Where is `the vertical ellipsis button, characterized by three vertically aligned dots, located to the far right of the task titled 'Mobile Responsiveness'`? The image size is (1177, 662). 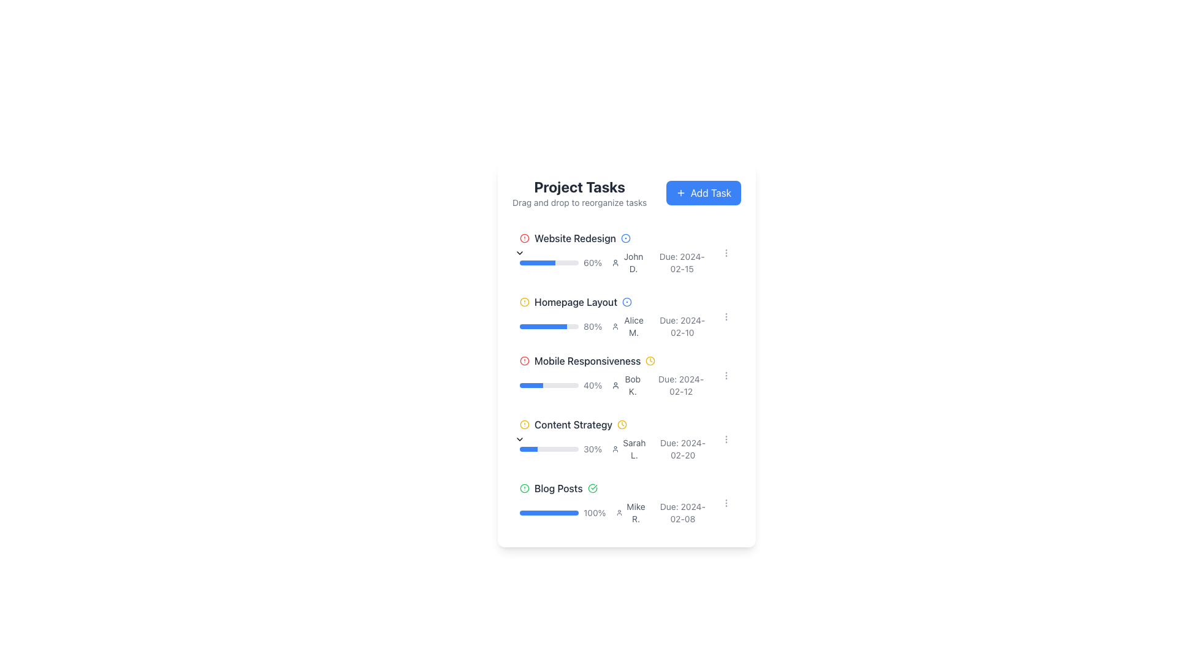
the vertical ellipsis button, characterized by three vertically aligned dots, located to the far right of the task titled 'Mobile Responsiveness' is located at coordinates (726, 503).